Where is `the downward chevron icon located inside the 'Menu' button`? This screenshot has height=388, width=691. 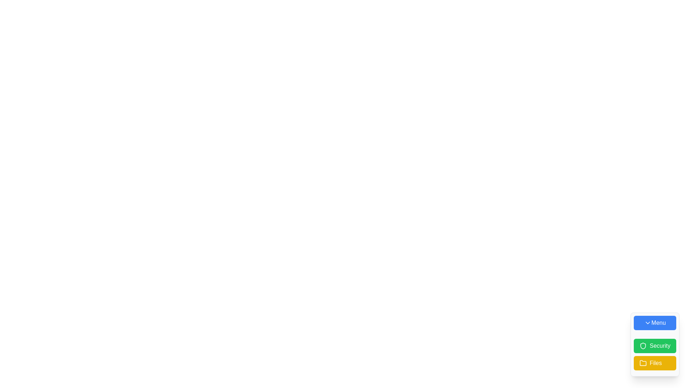 the downward chevron icon located inside the 'Menu' button is located at coordinates (648, 322).